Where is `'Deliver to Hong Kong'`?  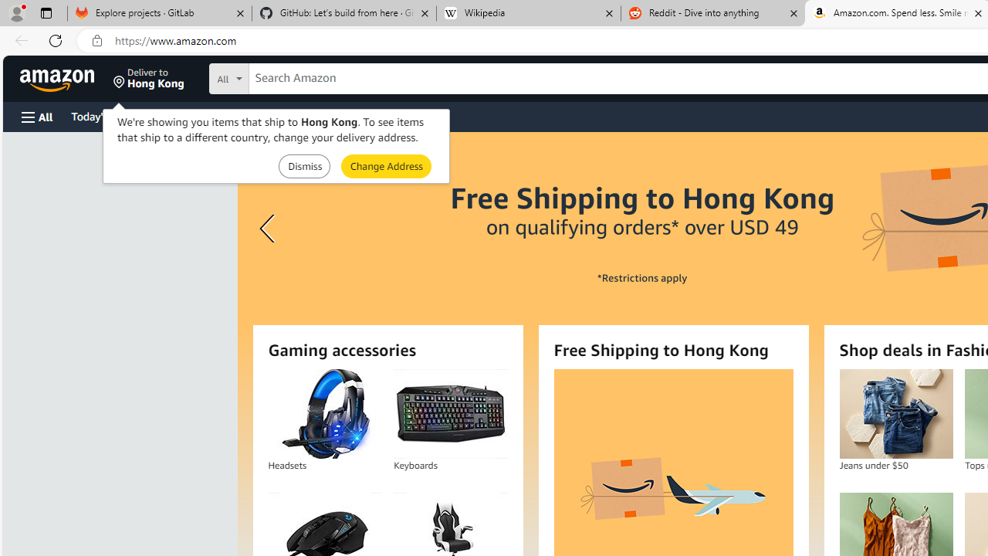 'Deliver to Hong Kong' is located at coordinates (149, 78).